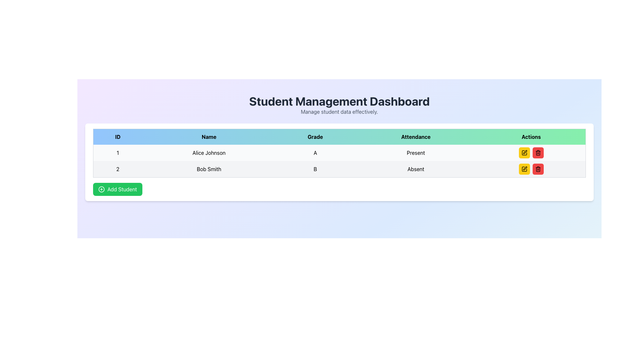 The height and width of the screenshot is (352, 627). What do you see at coordinates (524, 169) in the screenshot?
I see `the button in the Actions column of the table to initiate a style change, specifically for the row corresponding to 'Bob Smith'` at bounding box center [524, 169].